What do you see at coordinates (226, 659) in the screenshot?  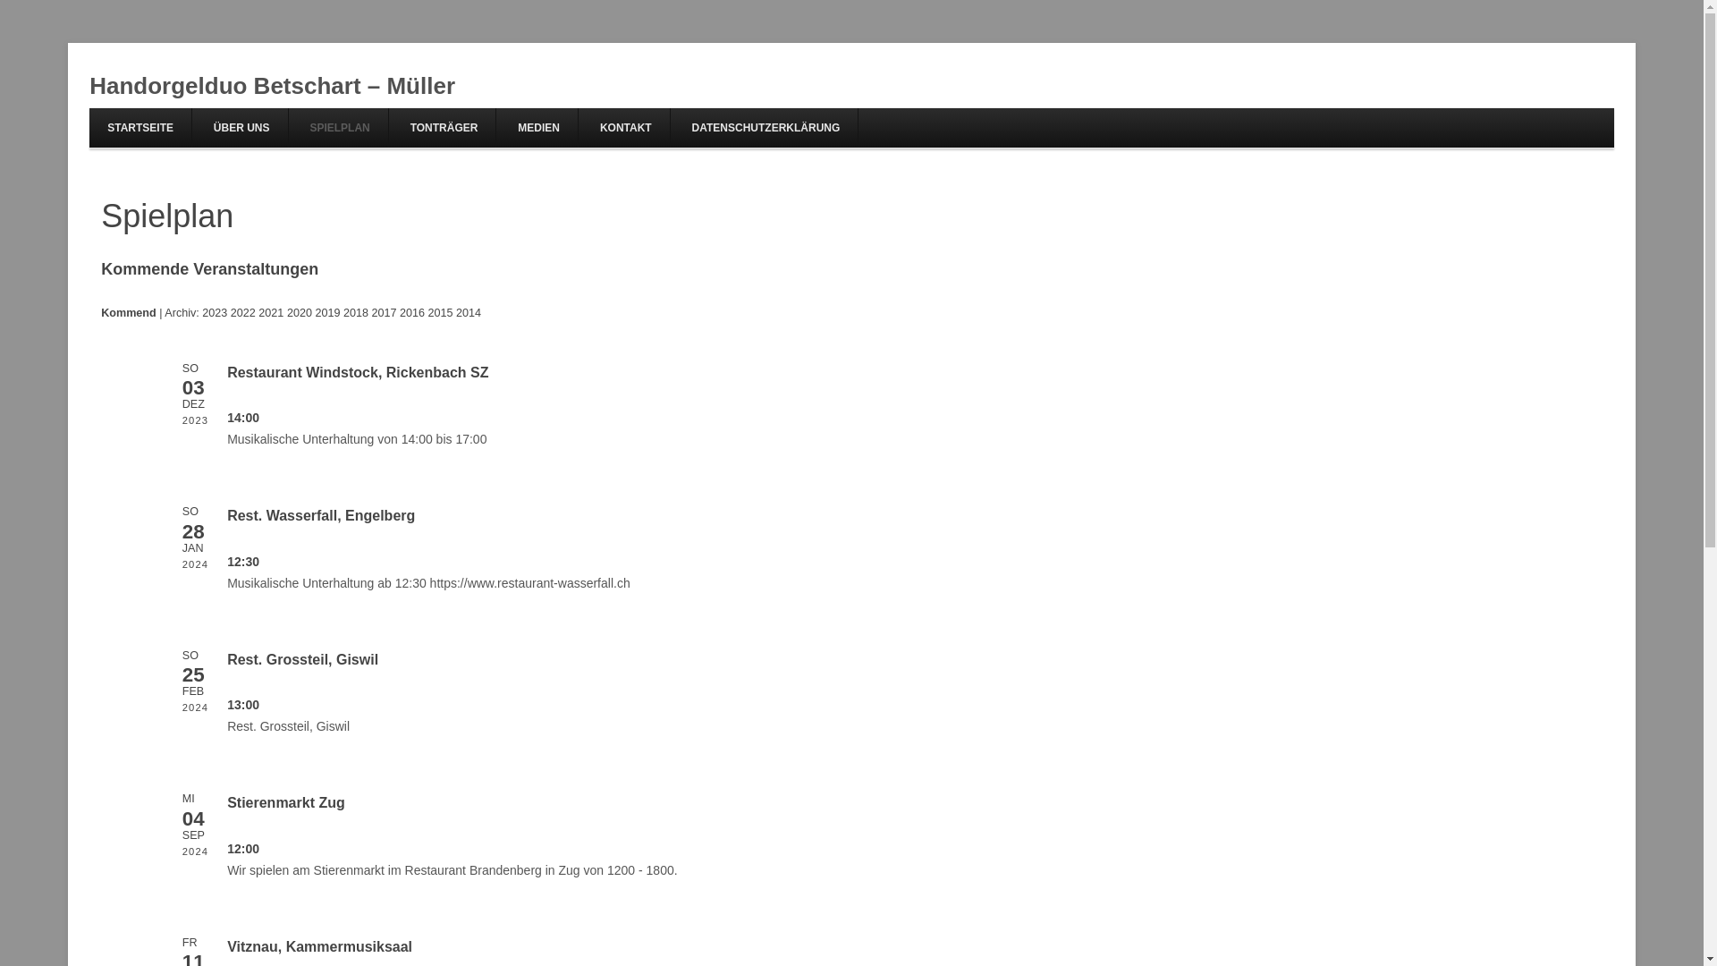 I see `'Rest. Grossteil, Giswil'` at bounding box center [226, 659].